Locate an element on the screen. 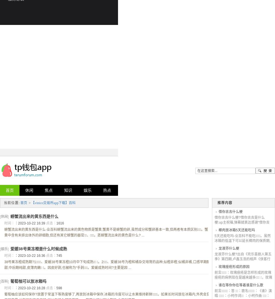 The width and height of the screenshot is (275, 299). '>' is located at coordinates (29, 203).